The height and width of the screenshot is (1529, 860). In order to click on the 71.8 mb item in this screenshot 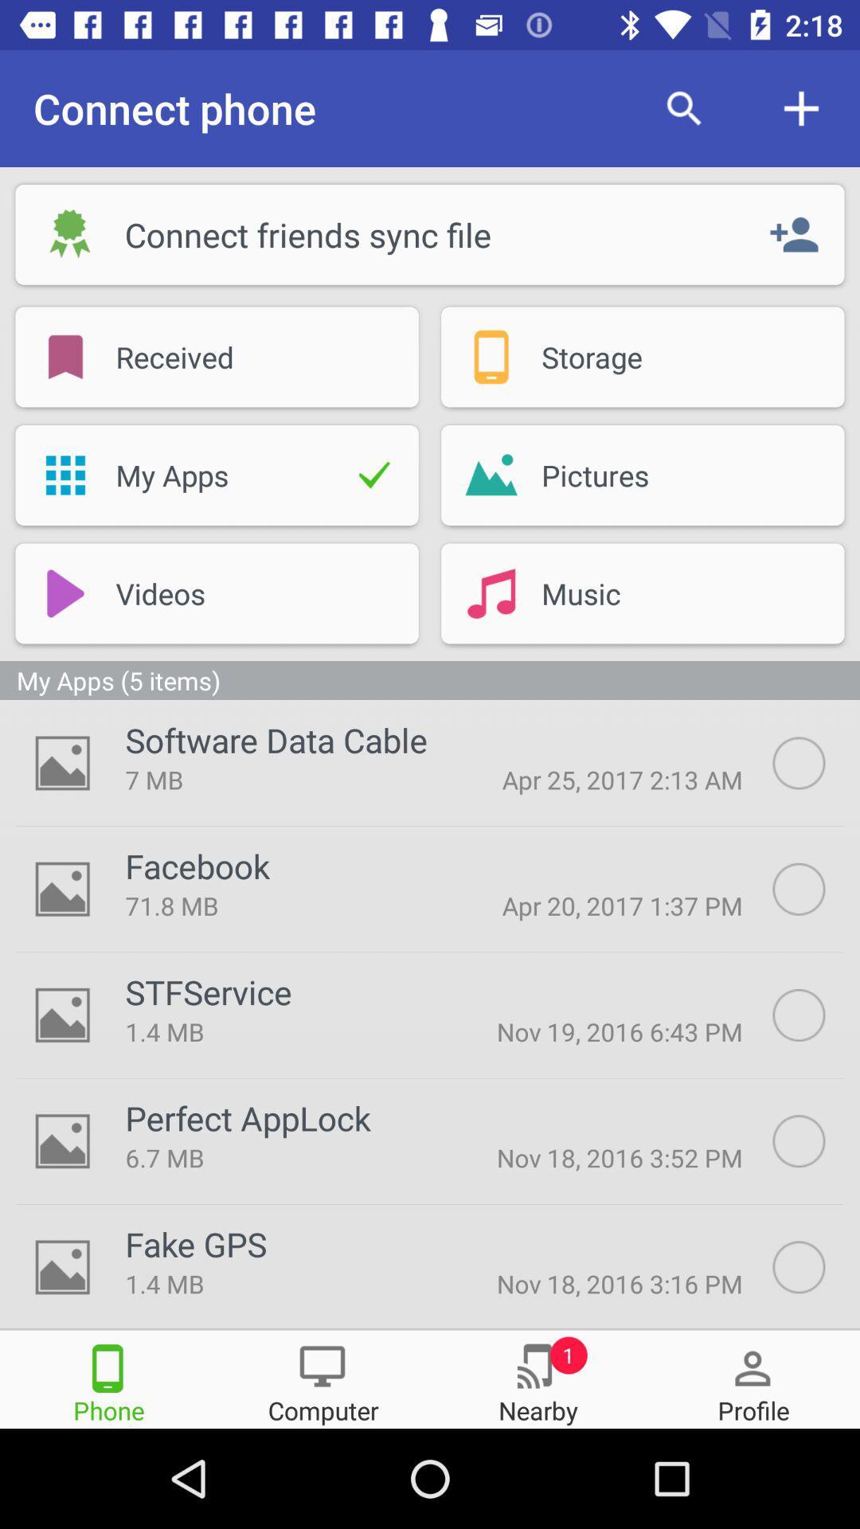, I will do `click(279, 905)`.